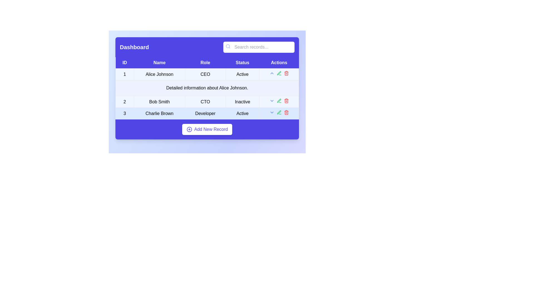  What do you see at coordinates (279, 72) in the screenshot?
I see `the edit icon in the 'Actions' column of the third row corresponding to 'Charlie Brown'` at bounding box center [279, 72].